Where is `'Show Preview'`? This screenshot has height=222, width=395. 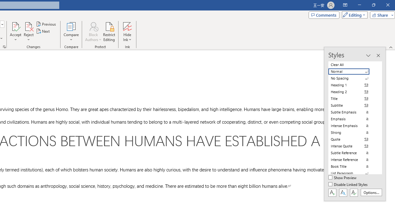
'Show Preview' is located at coordinates (343, 178).